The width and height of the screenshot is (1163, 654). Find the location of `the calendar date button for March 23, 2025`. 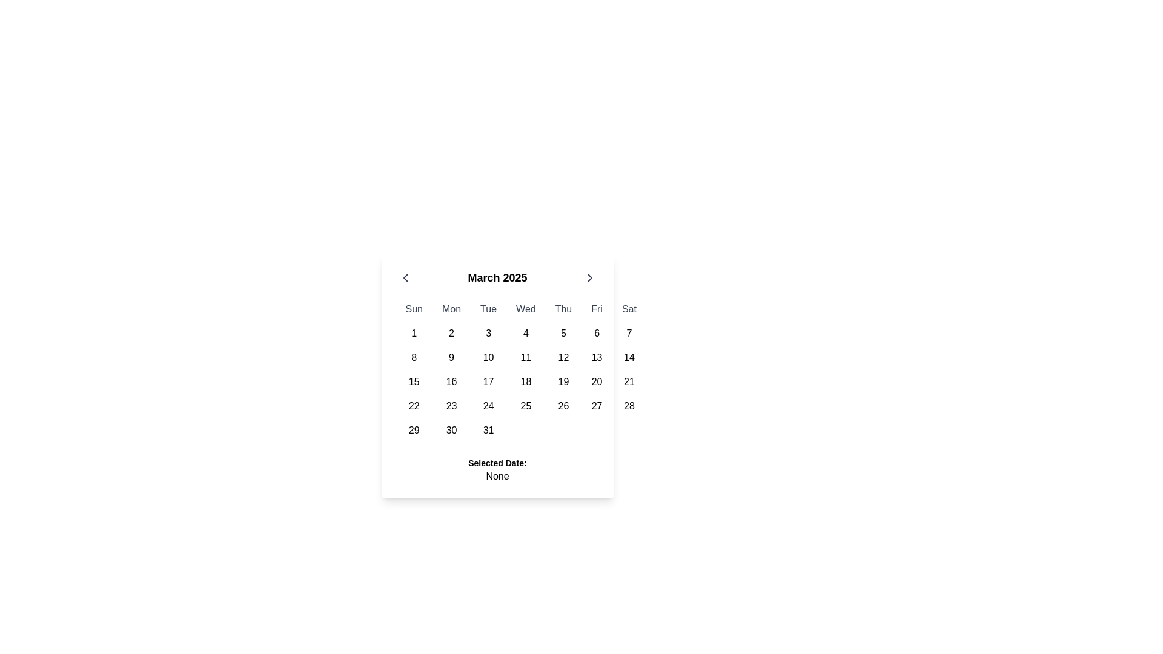

the calendar date button for March 23, 2025 is located at coordinates (451, 406).